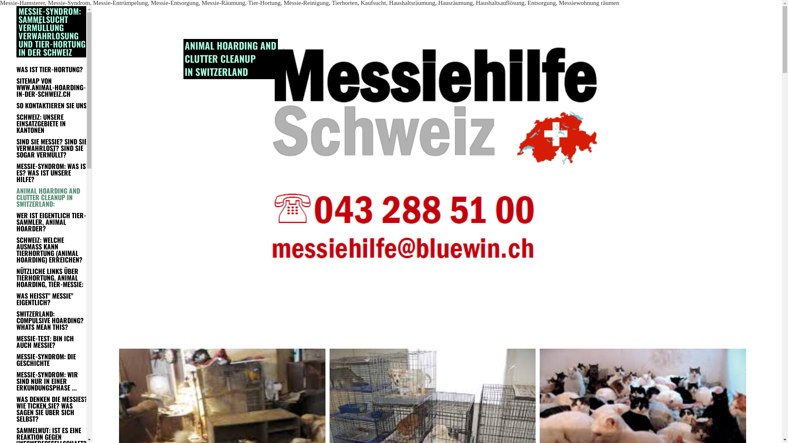 The image size is (788, 443). What do you see at coordinates (52, 197) in the screenshot?
I see `'ANIMAL HOARDING AND CLUTTER CLEANUP IN SWITZERLAND:'` at bounding box center [52, 197].